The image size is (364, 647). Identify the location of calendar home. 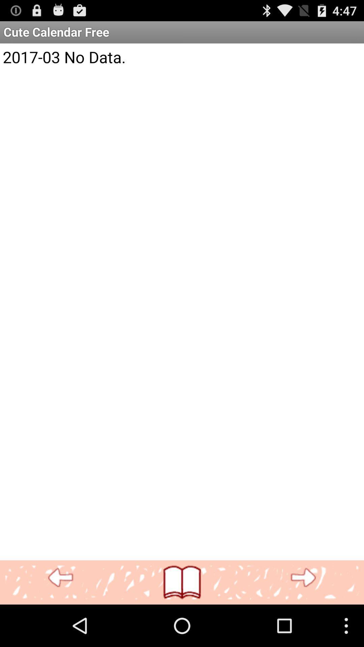
(182, 582).